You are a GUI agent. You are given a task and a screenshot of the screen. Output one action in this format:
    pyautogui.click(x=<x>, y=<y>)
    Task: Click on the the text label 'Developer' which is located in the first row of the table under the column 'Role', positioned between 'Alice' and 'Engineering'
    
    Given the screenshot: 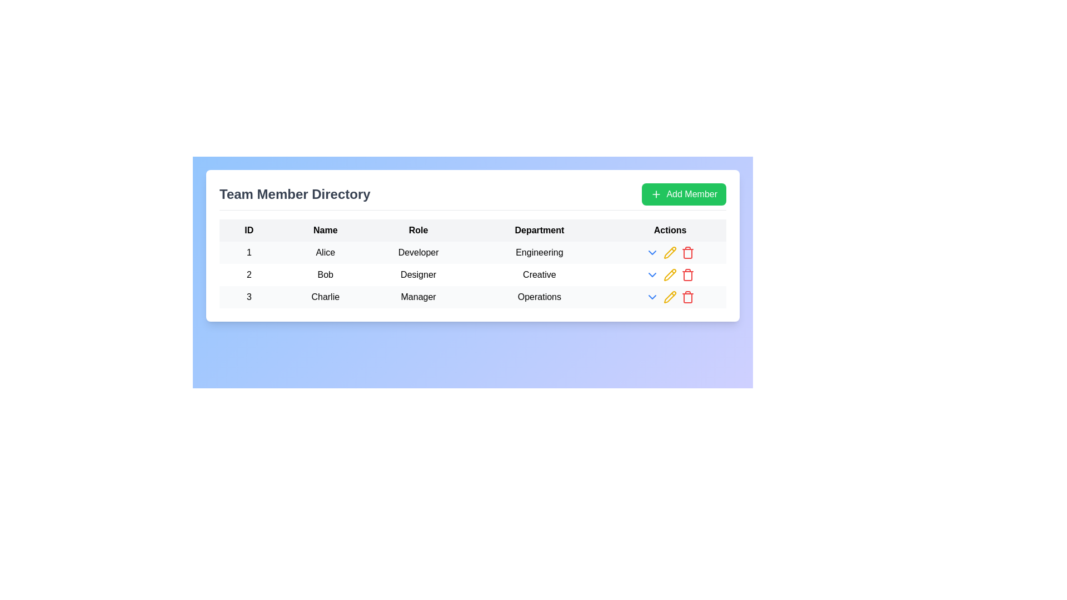 What is the action you would take?
    pyautogui.click(x=418, y=253)
    